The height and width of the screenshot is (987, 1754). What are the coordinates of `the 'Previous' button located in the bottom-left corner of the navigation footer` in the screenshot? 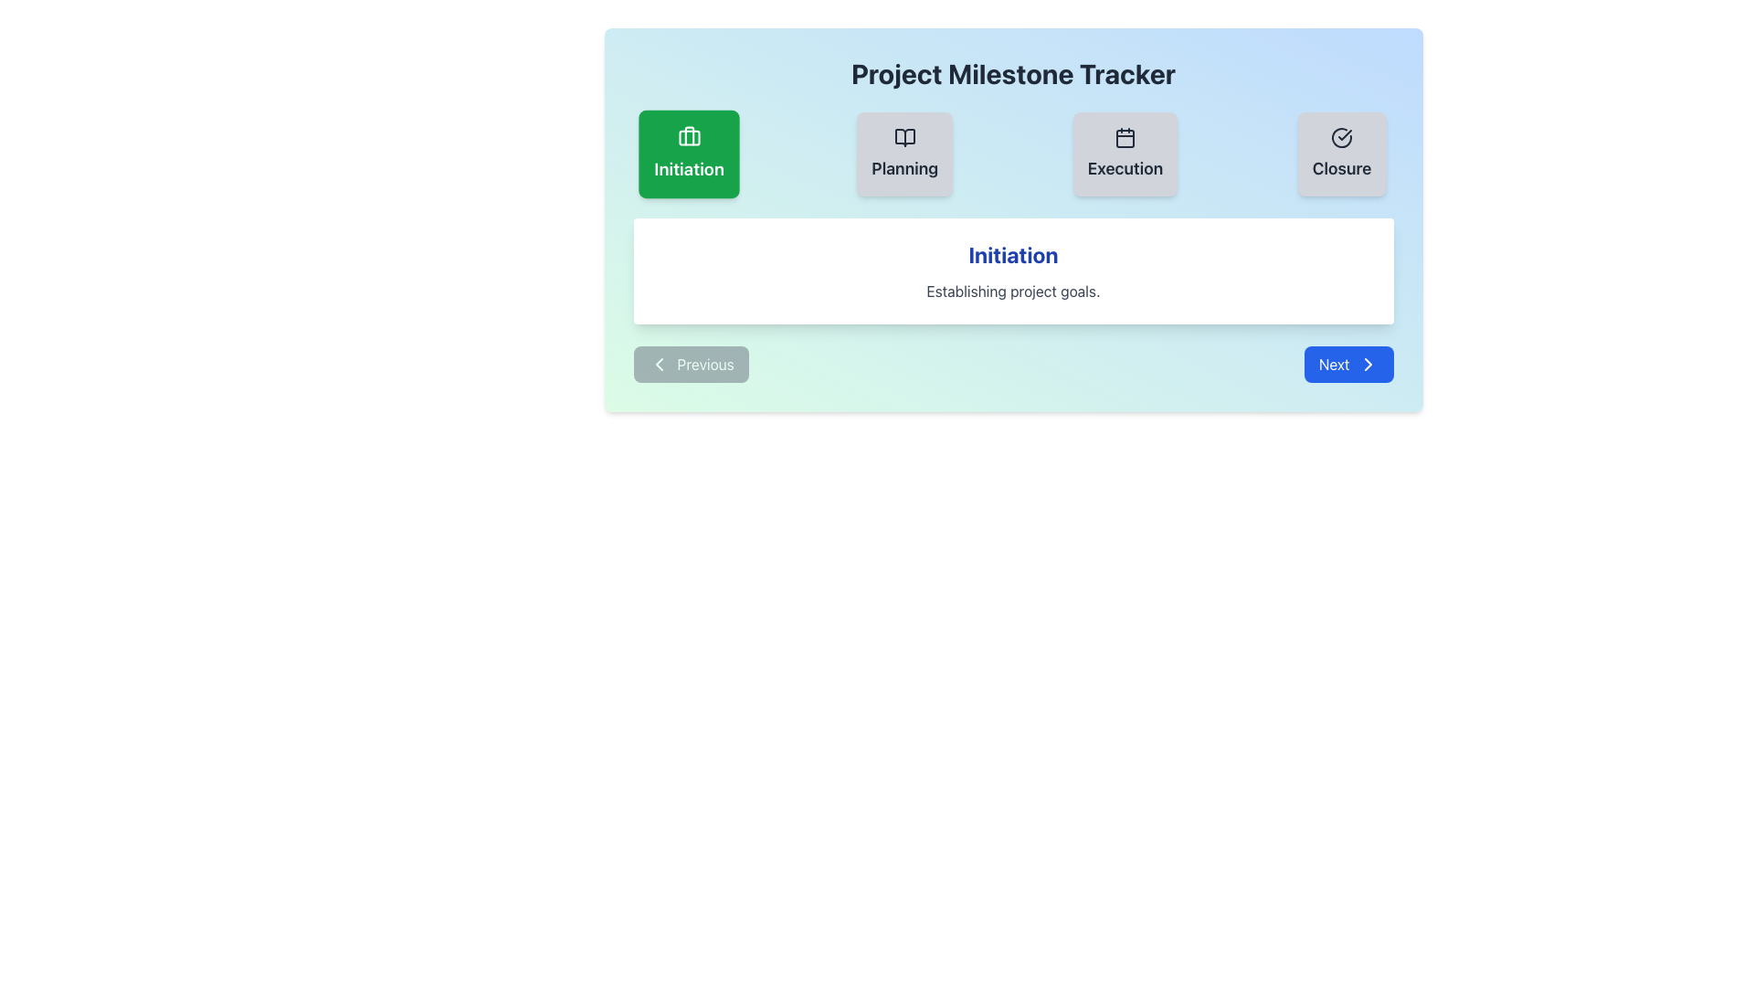 It's located at (690, 364).